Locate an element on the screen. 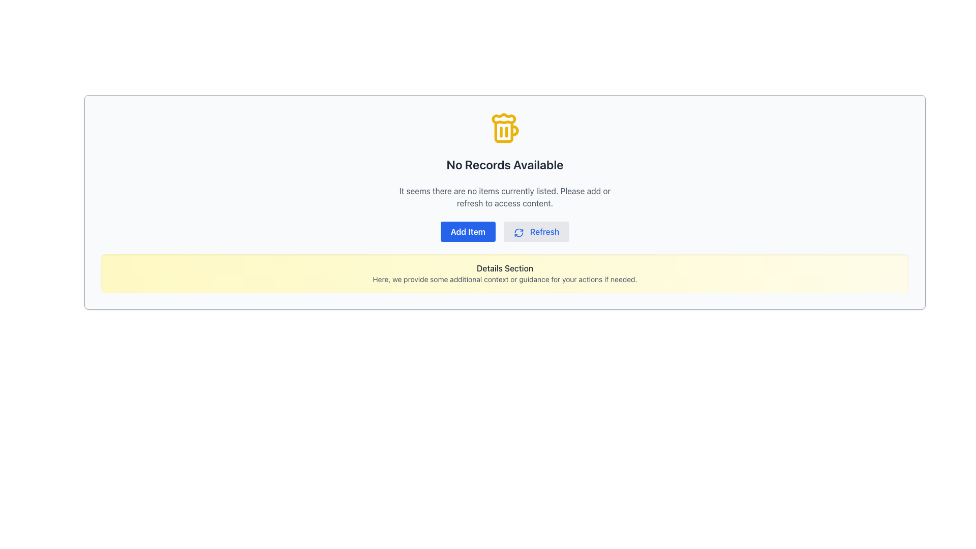  the refresh icon located to the left of the 'Refresh' button, which indicates a refresh action for the current view is located at coordinates (518, 232).